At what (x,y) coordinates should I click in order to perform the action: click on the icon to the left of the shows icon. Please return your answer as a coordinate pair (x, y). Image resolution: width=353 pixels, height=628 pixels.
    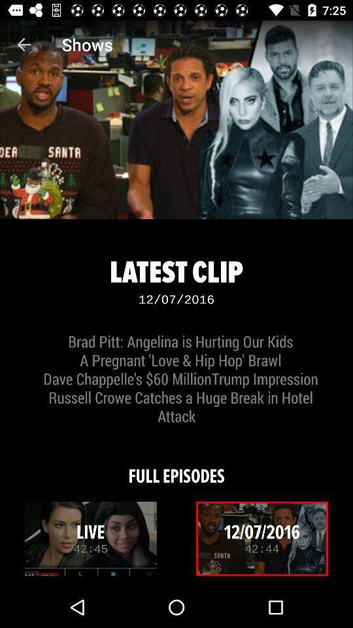
    Looking at the image, I should click on (24, 44).